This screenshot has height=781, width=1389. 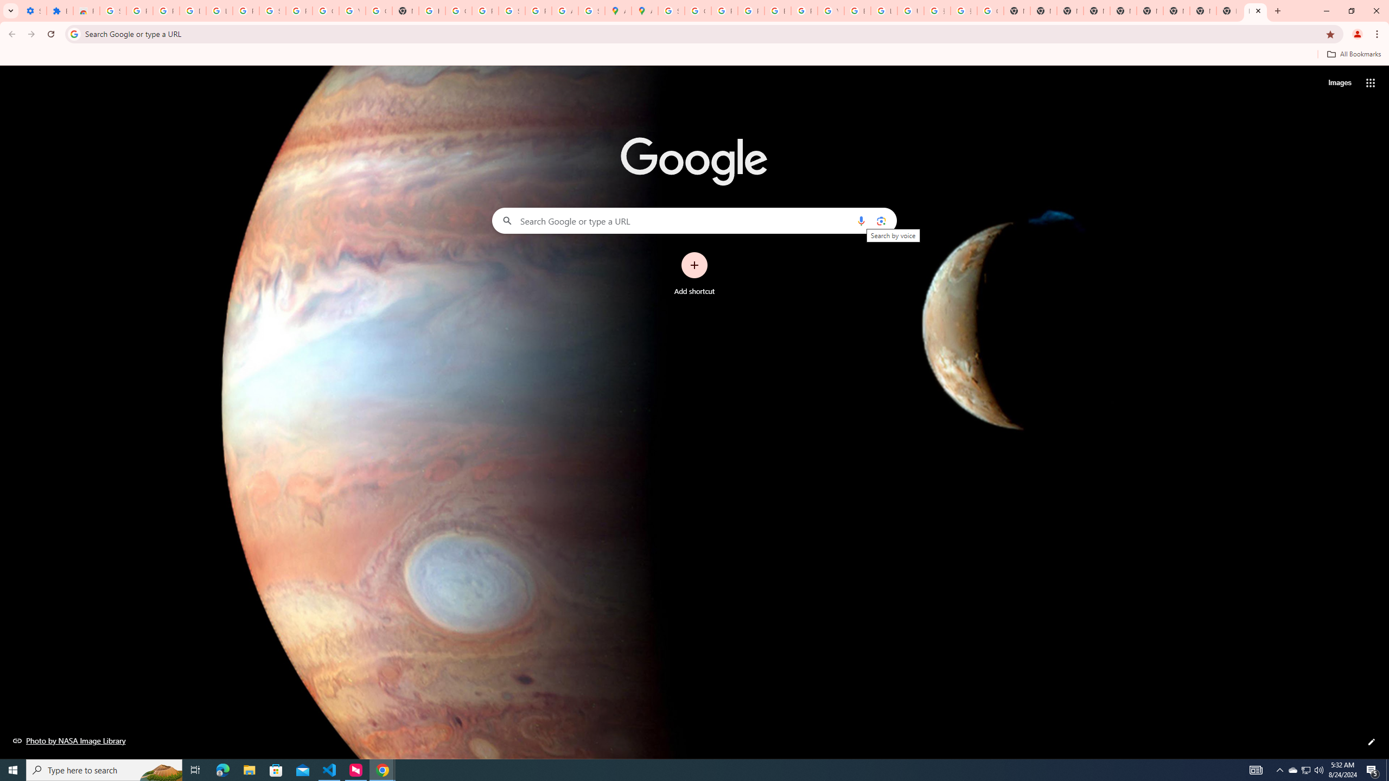 I want to click on 'Settings - On startup', so click(x=33, y=10).